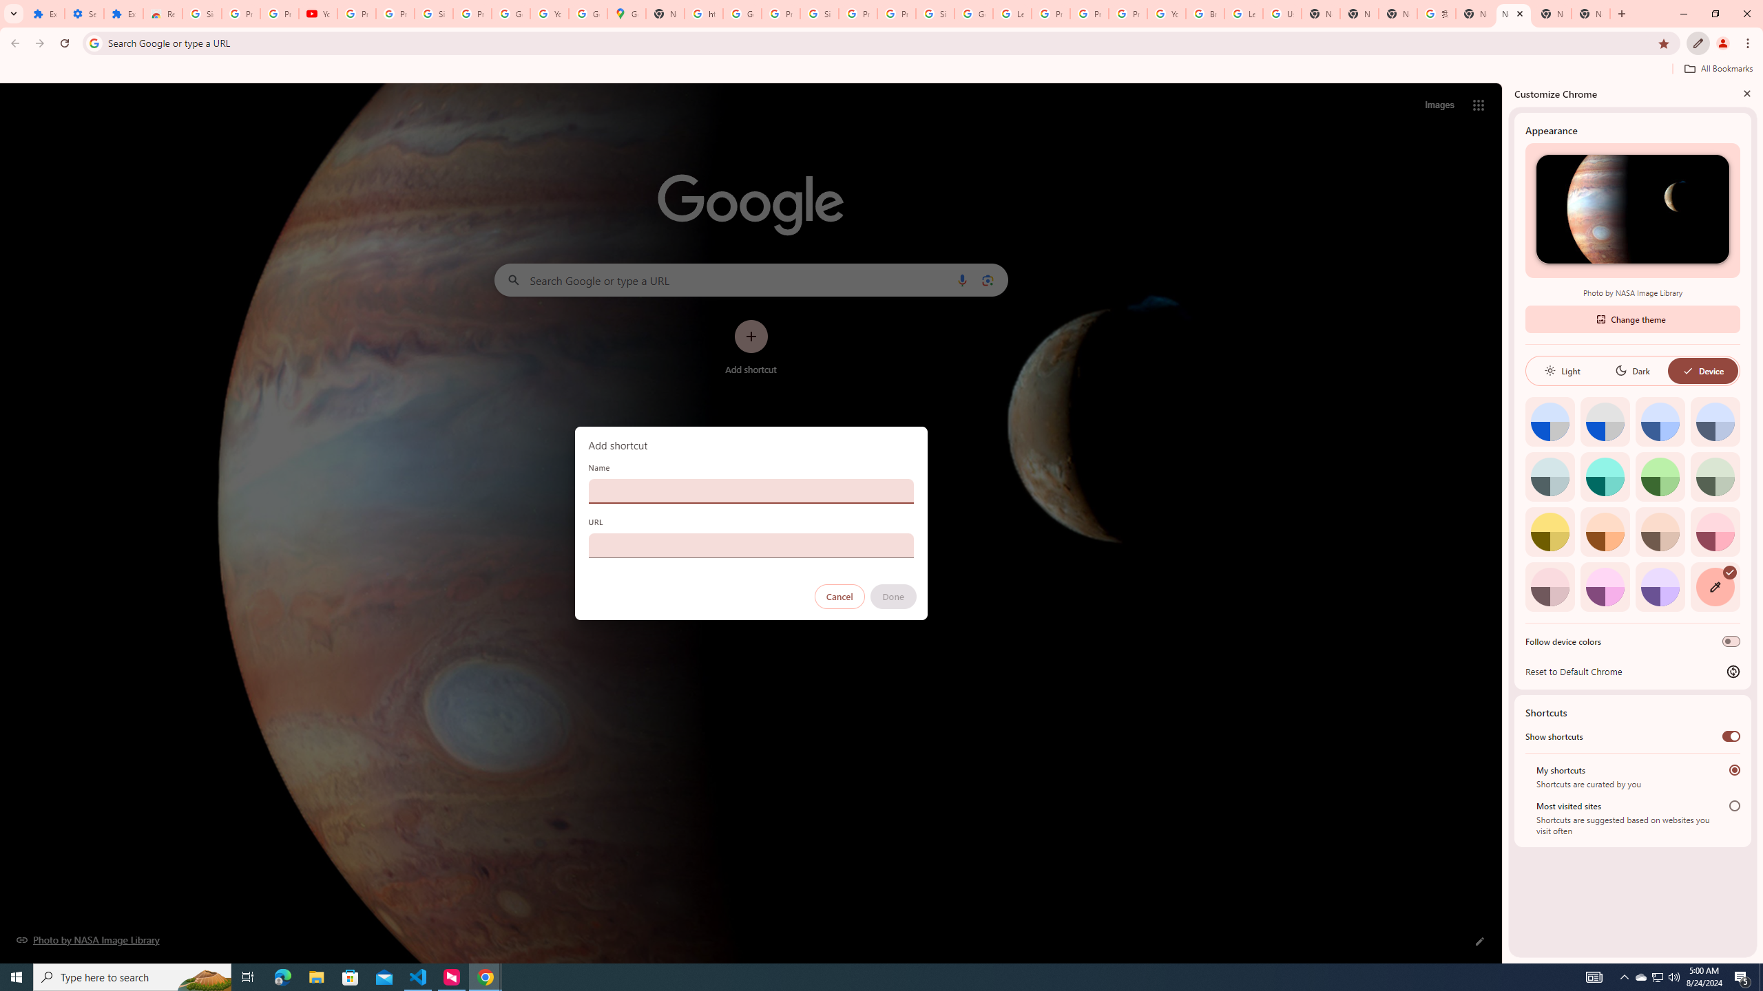 The image size is (1763, 991). Describe the element at coordinates (1702, 370) in the screenshot. I see `'Device'` at that location.